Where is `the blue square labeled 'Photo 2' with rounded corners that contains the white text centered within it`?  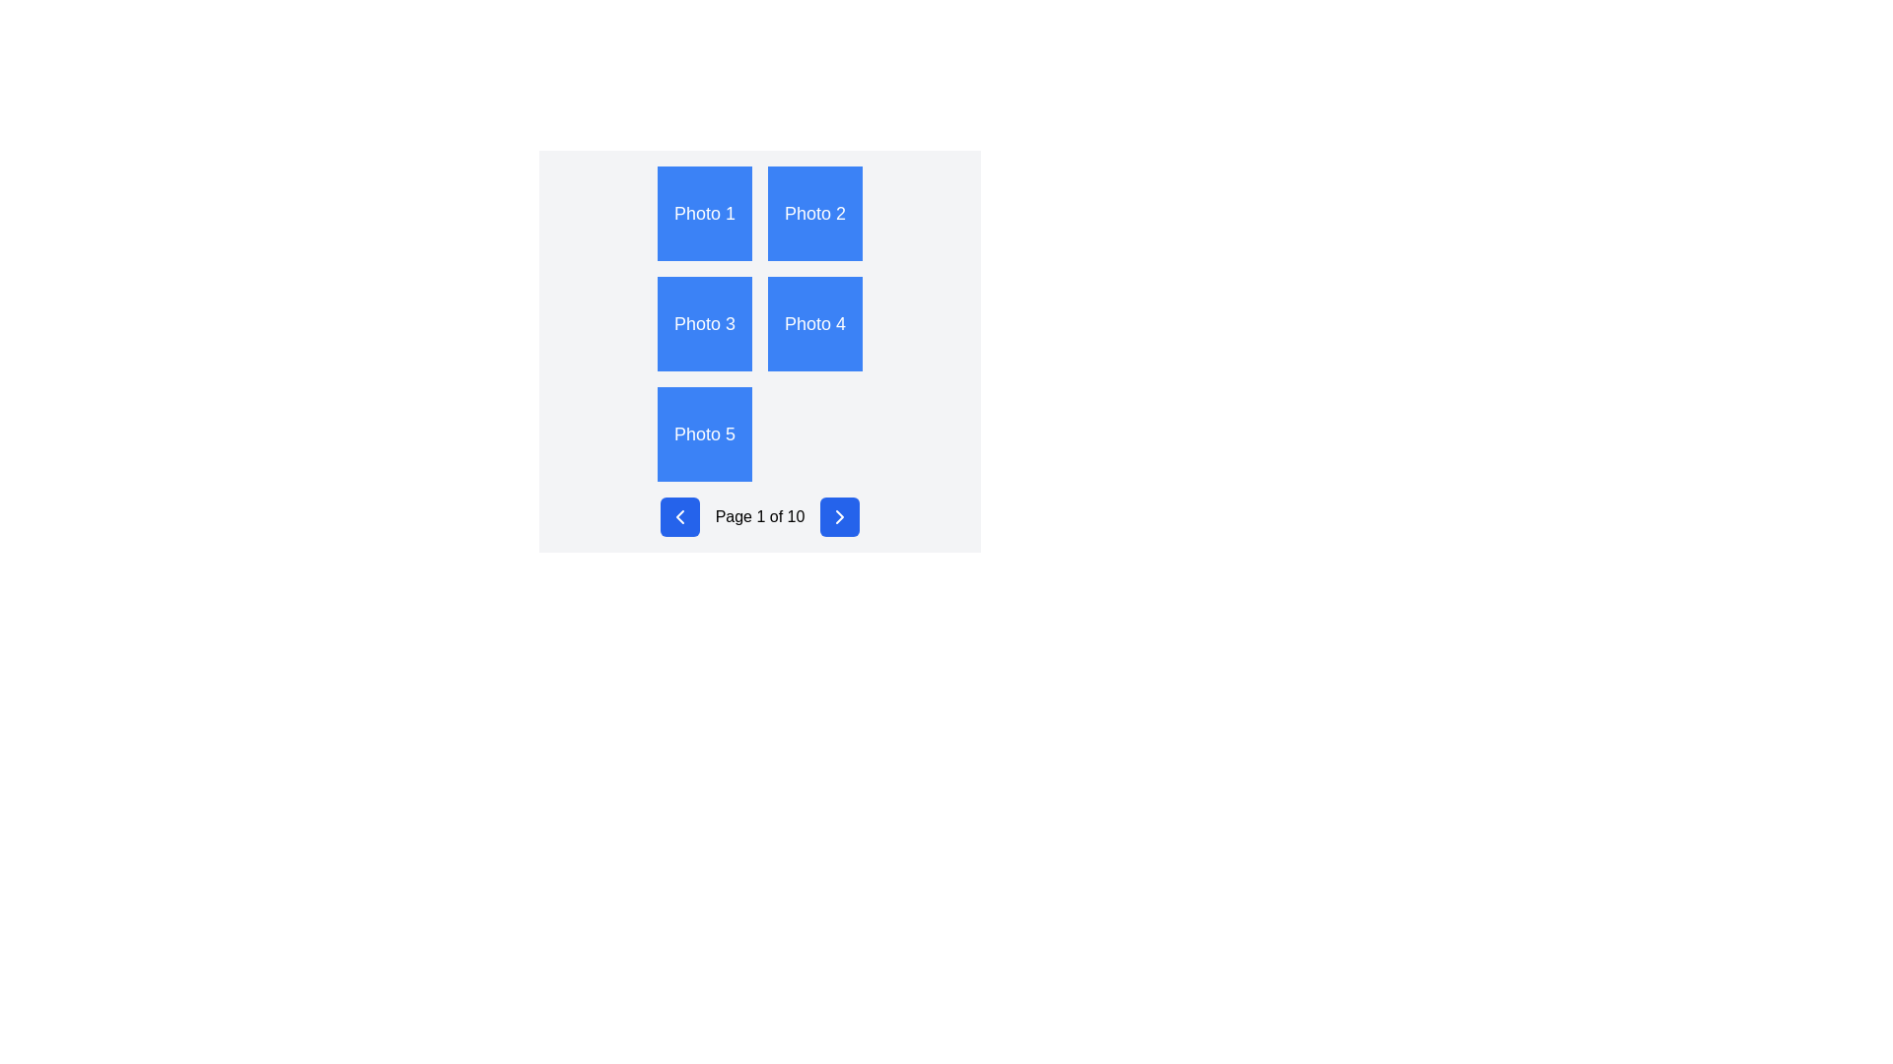
the blue square labeled 'Photo 2' with rounded corners that contains the white text centered within it is located at coordinates (814, 213).